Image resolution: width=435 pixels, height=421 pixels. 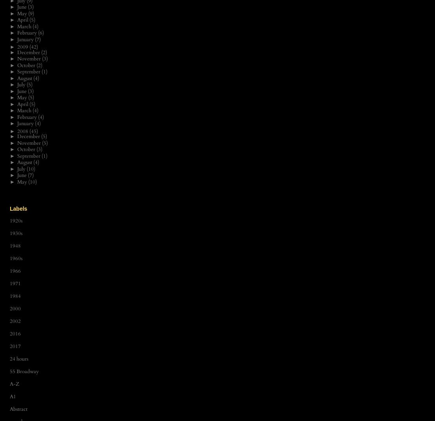 What do you see at coordinates (16, 221) in the screenshot?
I see `'1920s'` at bounding box center [16, 221].